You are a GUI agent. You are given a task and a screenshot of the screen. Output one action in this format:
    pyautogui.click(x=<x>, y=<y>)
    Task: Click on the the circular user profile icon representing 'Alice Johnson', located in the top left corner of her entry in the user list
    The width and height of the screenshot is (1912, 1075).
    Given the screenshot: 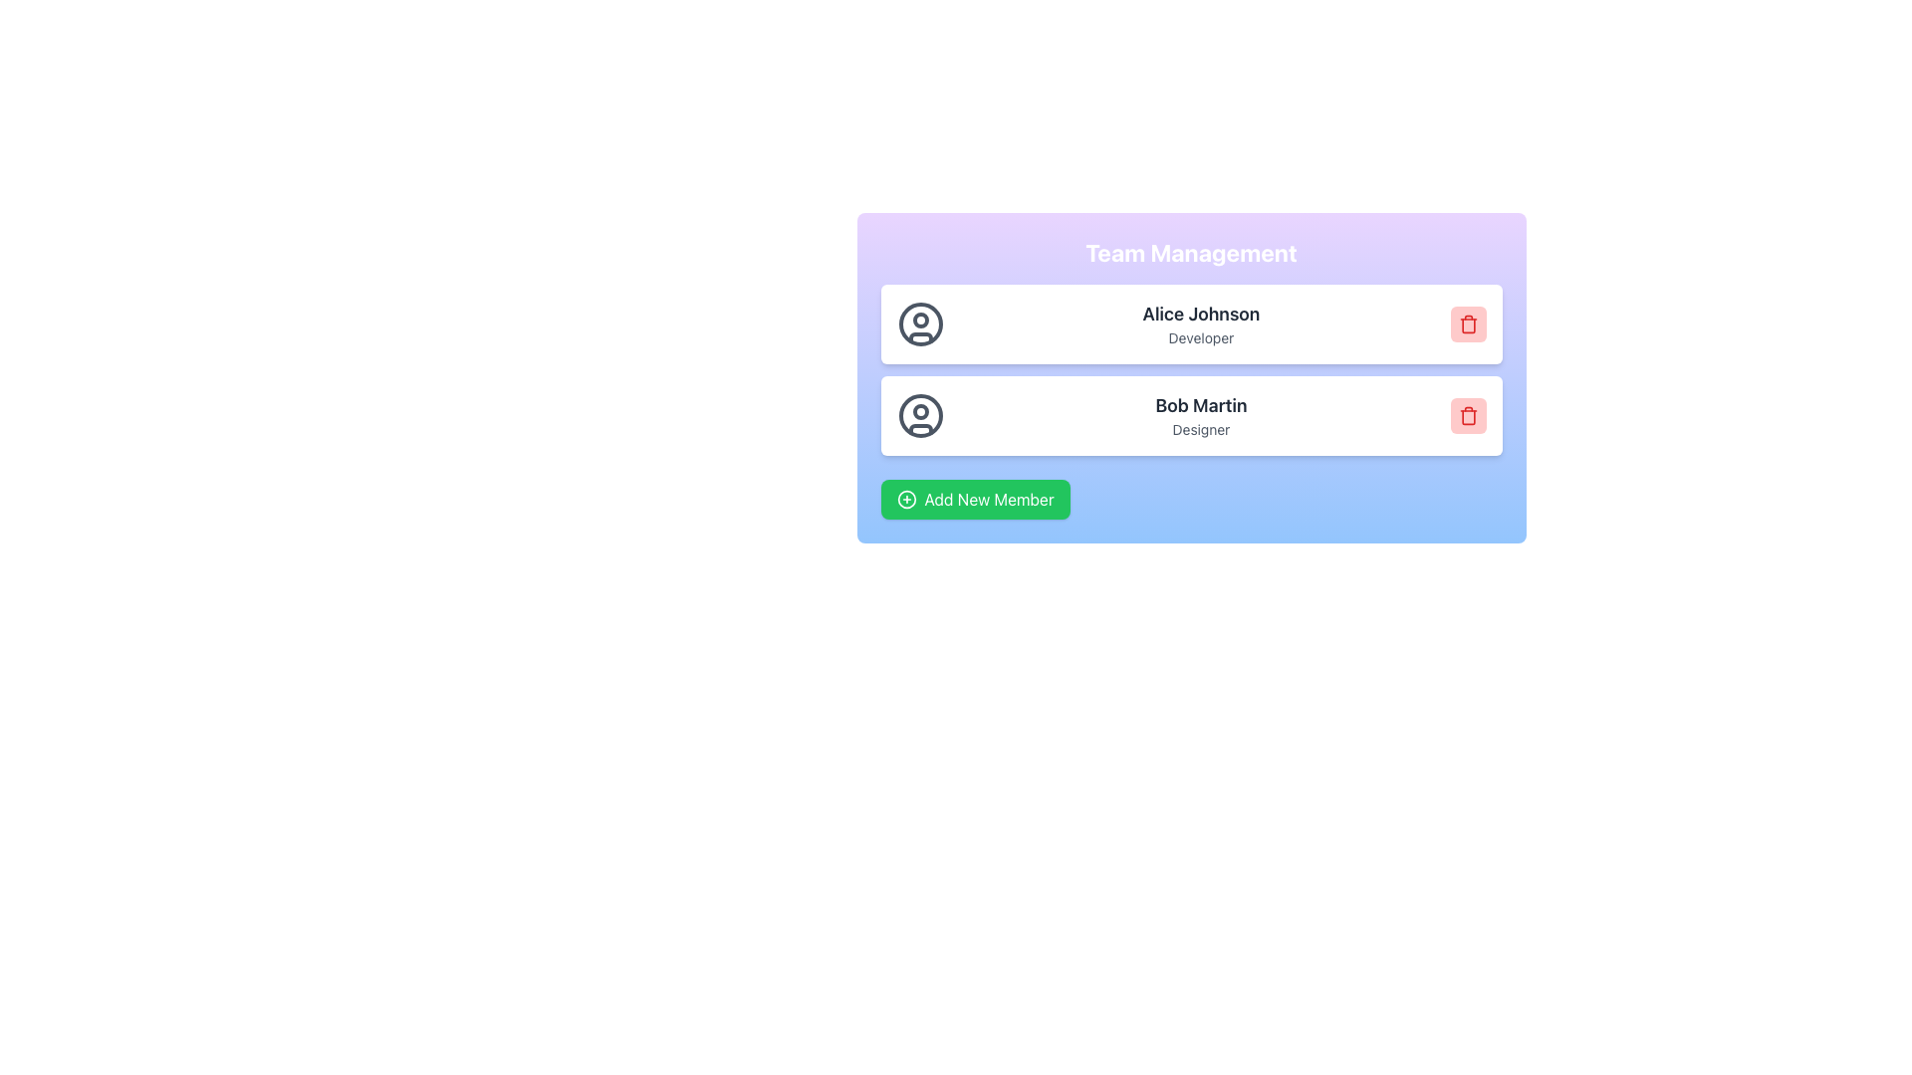 What is the action you would take?
    pyautogui.click(x=919, y=323)
    